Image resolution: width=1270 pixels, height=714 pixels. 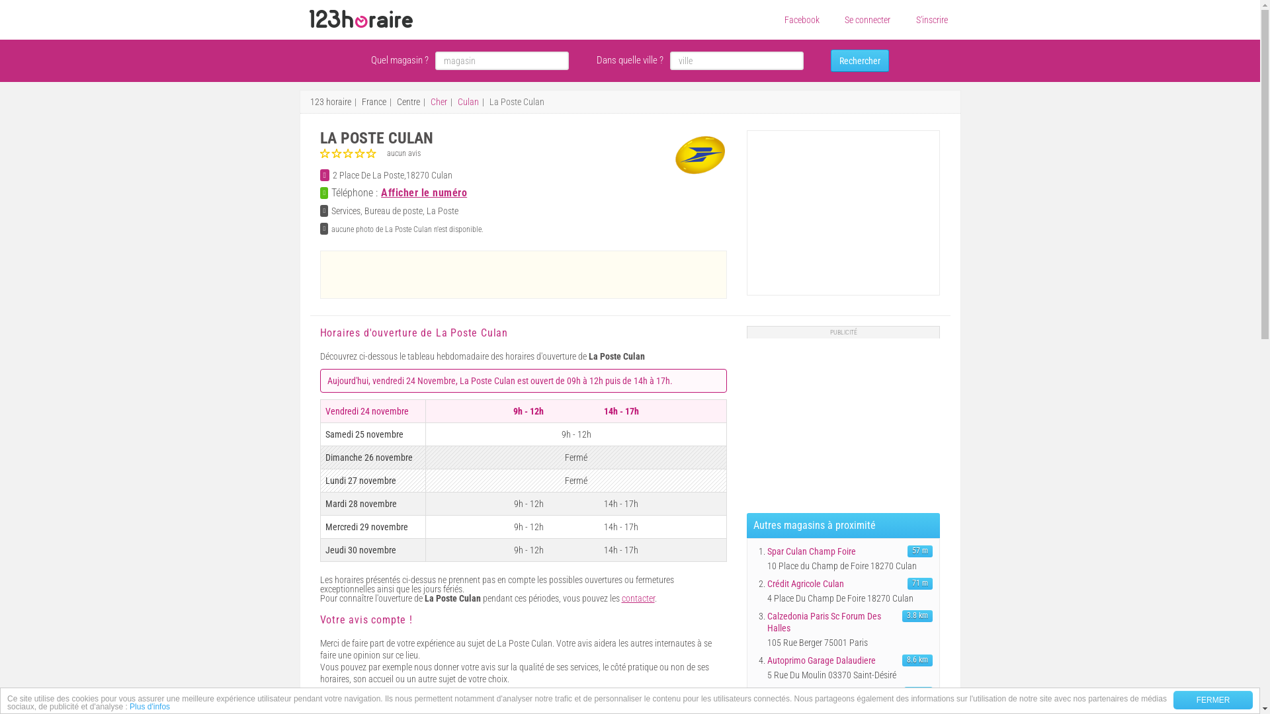 I want to click on 'Culan', so click(x=468, y=101).